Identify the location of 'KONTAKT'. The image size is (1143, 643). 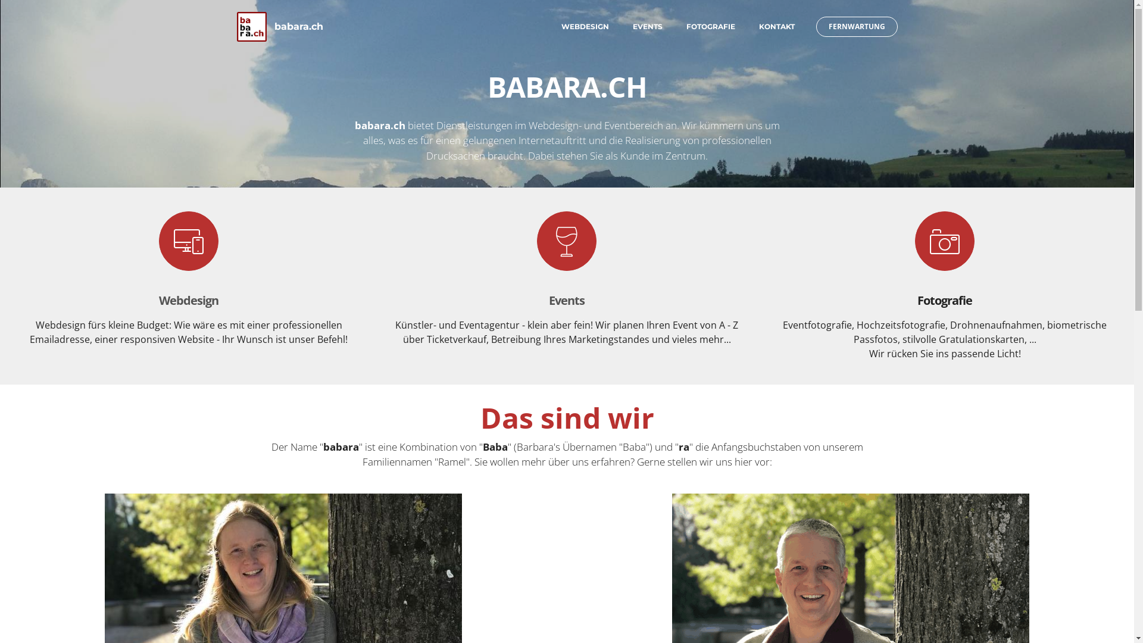
(757, 27).